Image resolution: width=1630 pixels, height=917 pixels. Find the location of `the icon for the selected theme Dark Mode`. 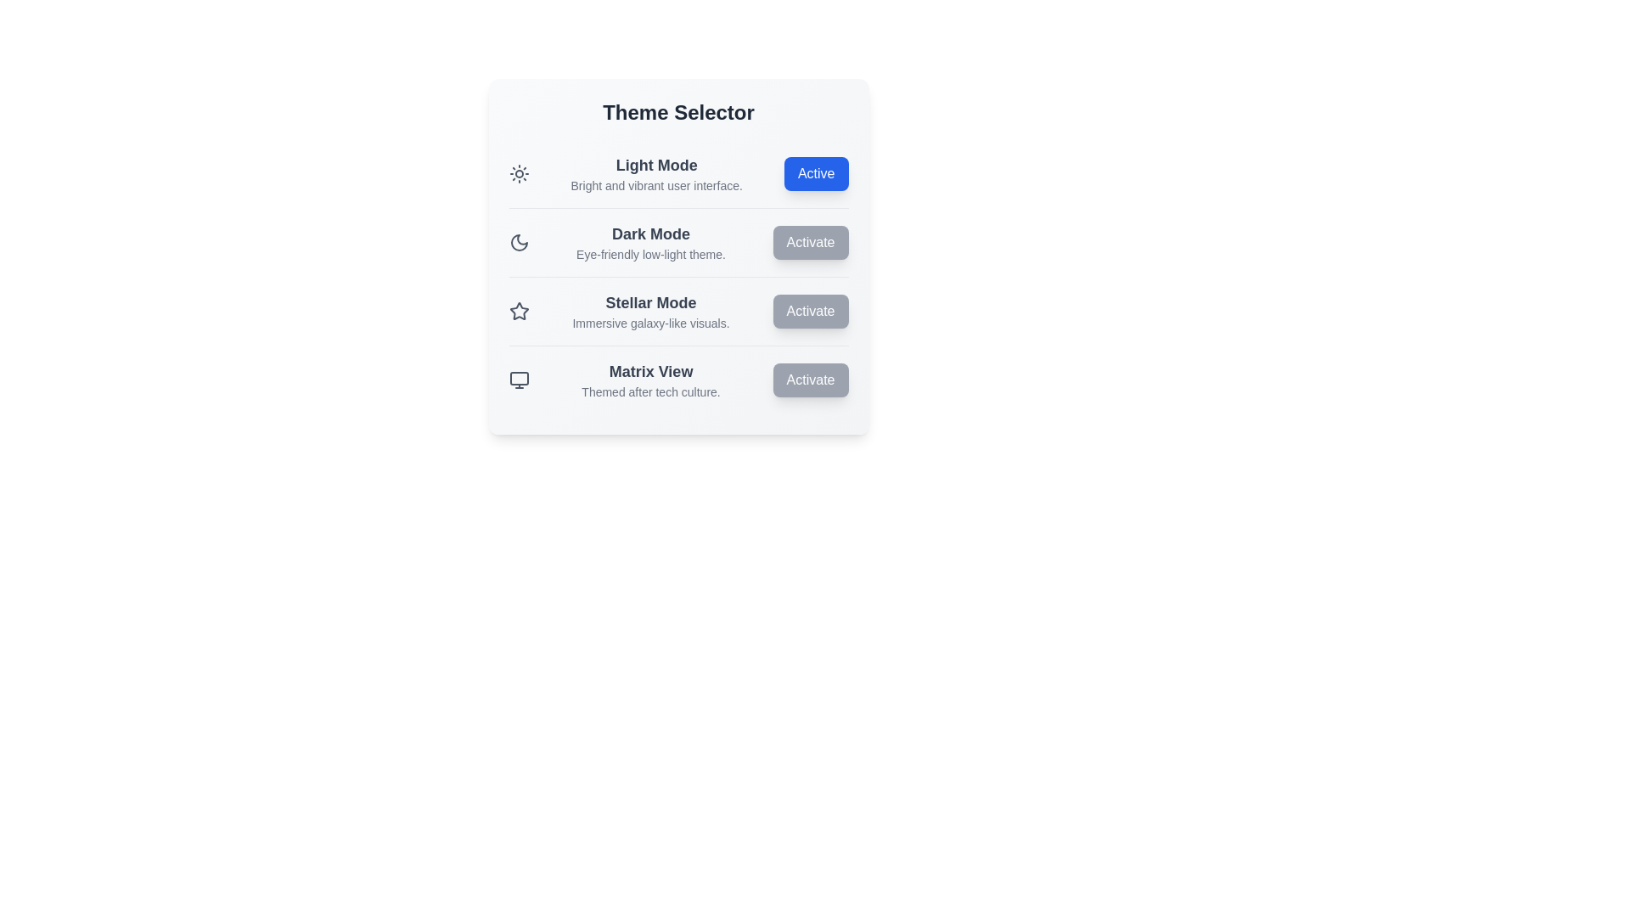

the icon for the selected theme Dark Mode is located at coordinates (518, 242).